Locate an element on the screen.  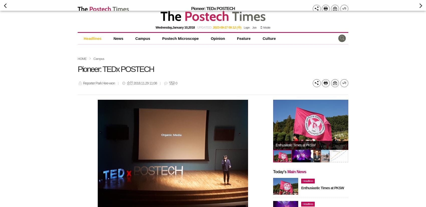
'Today's' is located at coordinates (280, 171).